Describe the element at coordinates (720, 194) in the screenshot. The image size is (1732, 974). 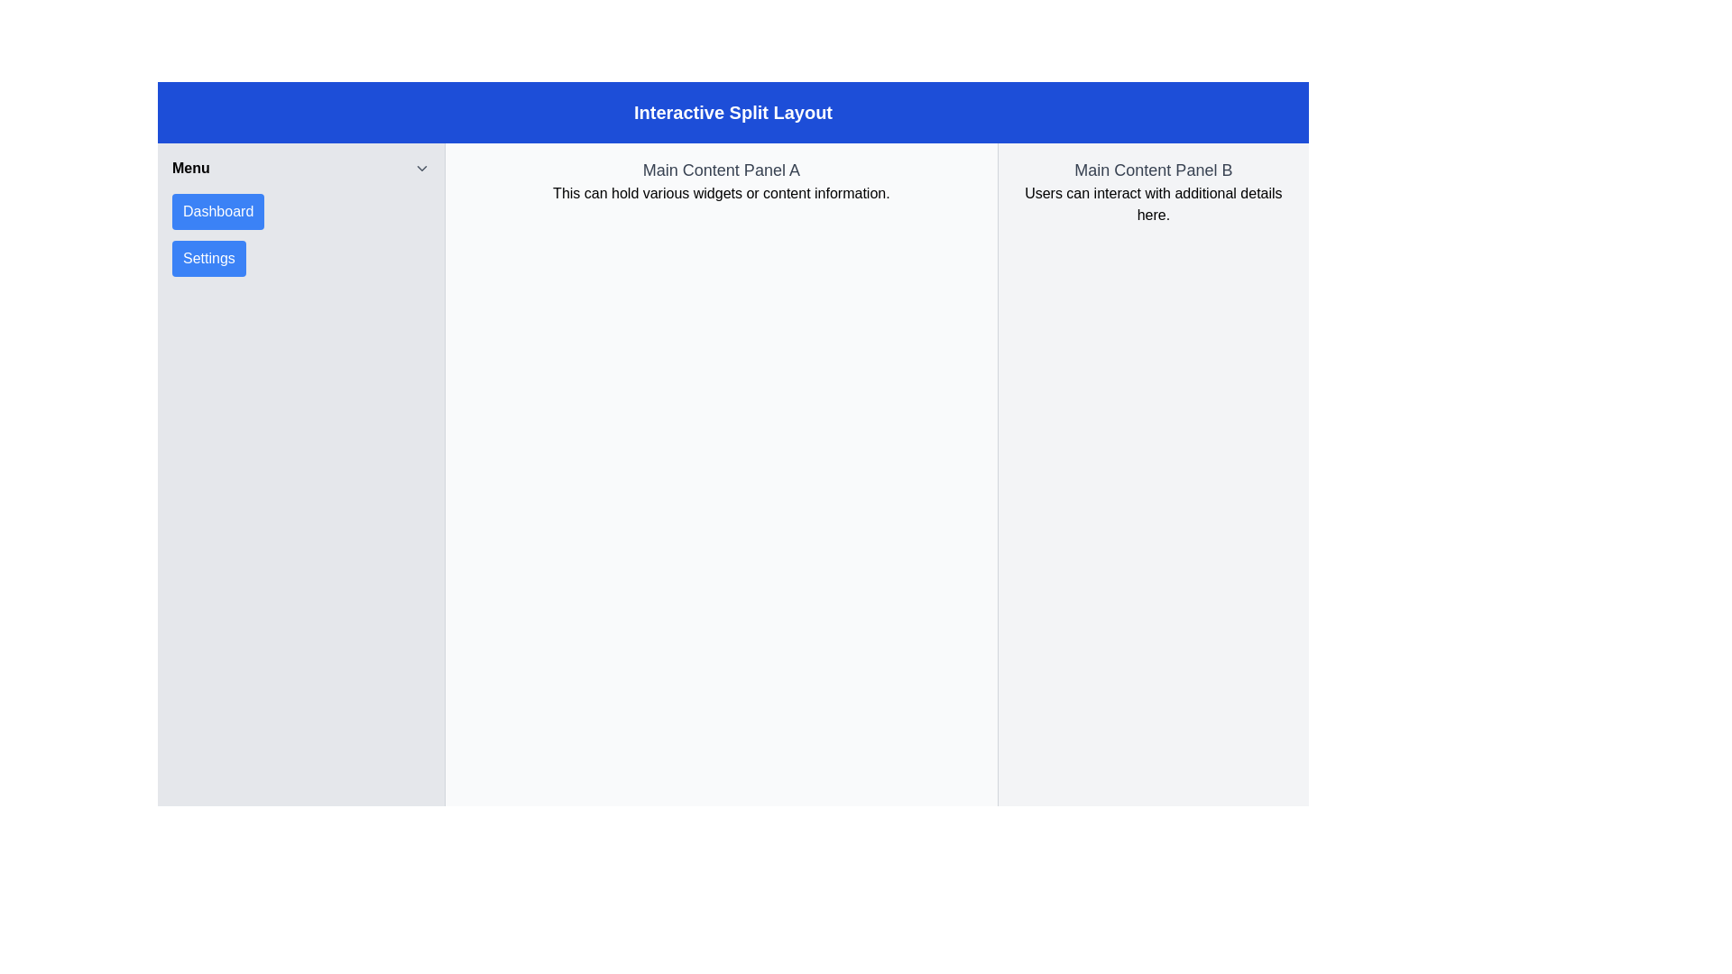
I see `the informational text block located directly below the header 'Main Content Panel A' in the left content section` at that location.